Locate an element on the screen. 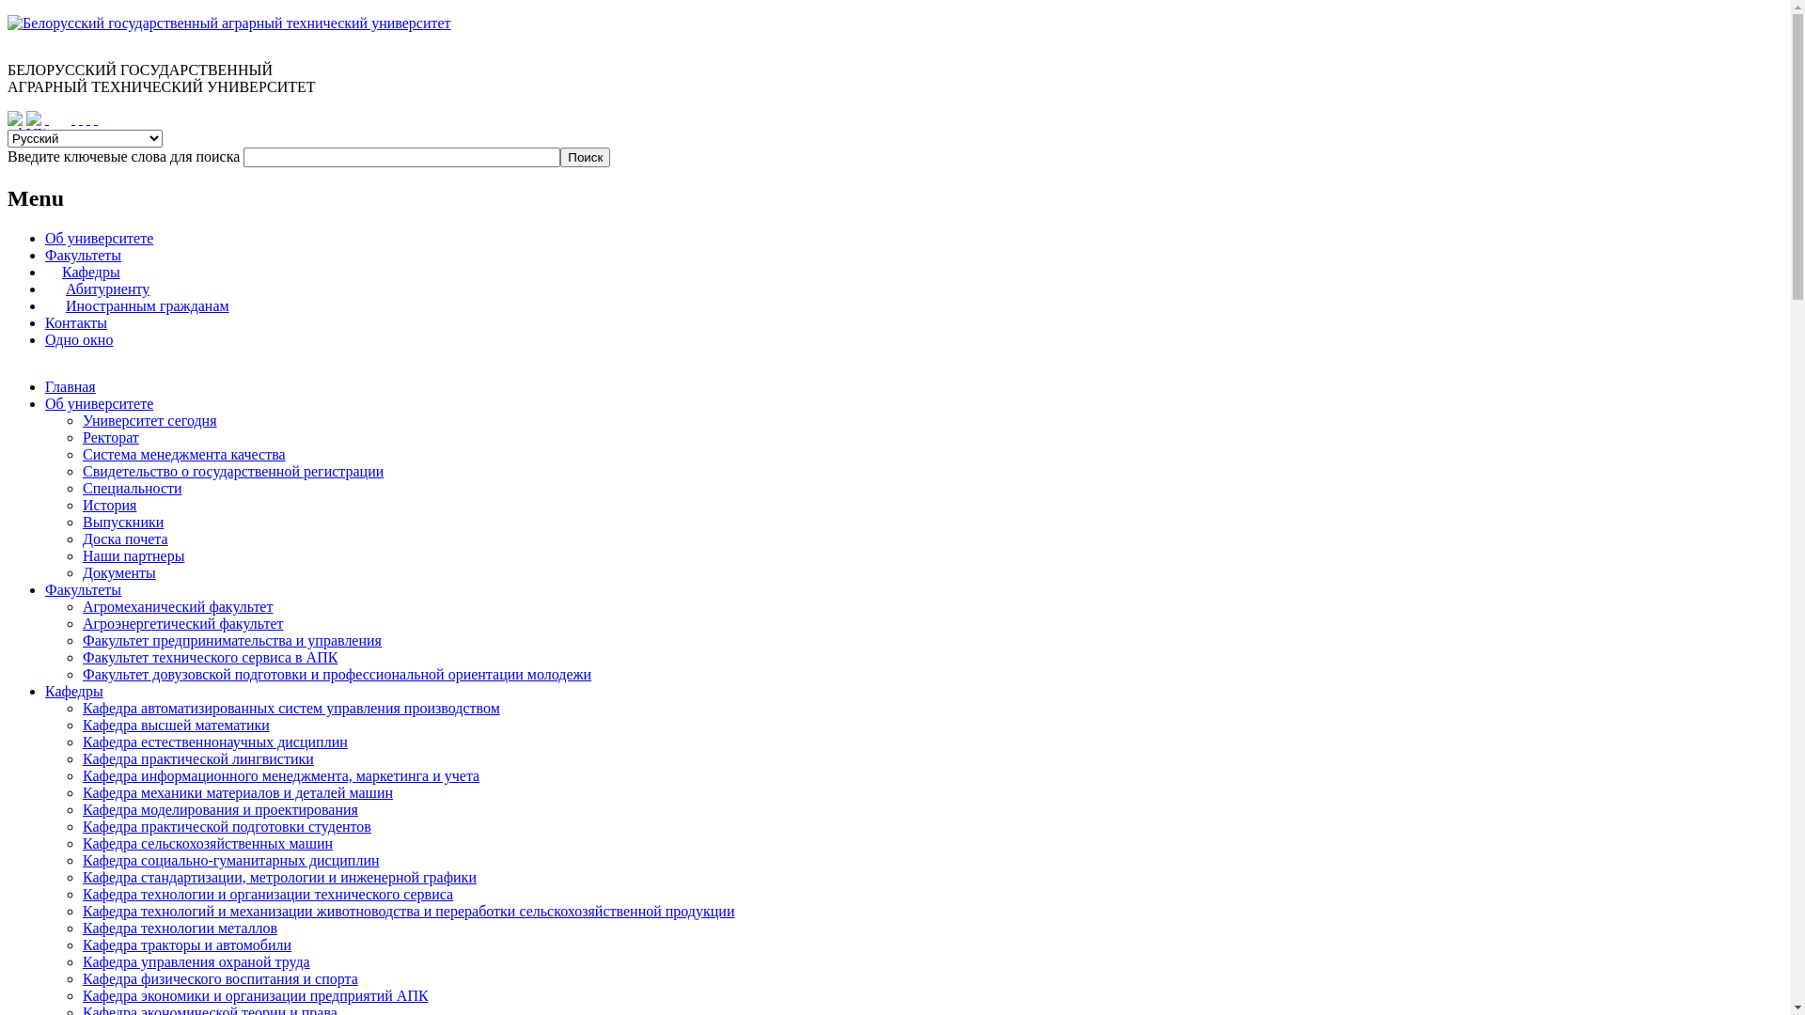  ' ' is located at coordinates (72, 118).